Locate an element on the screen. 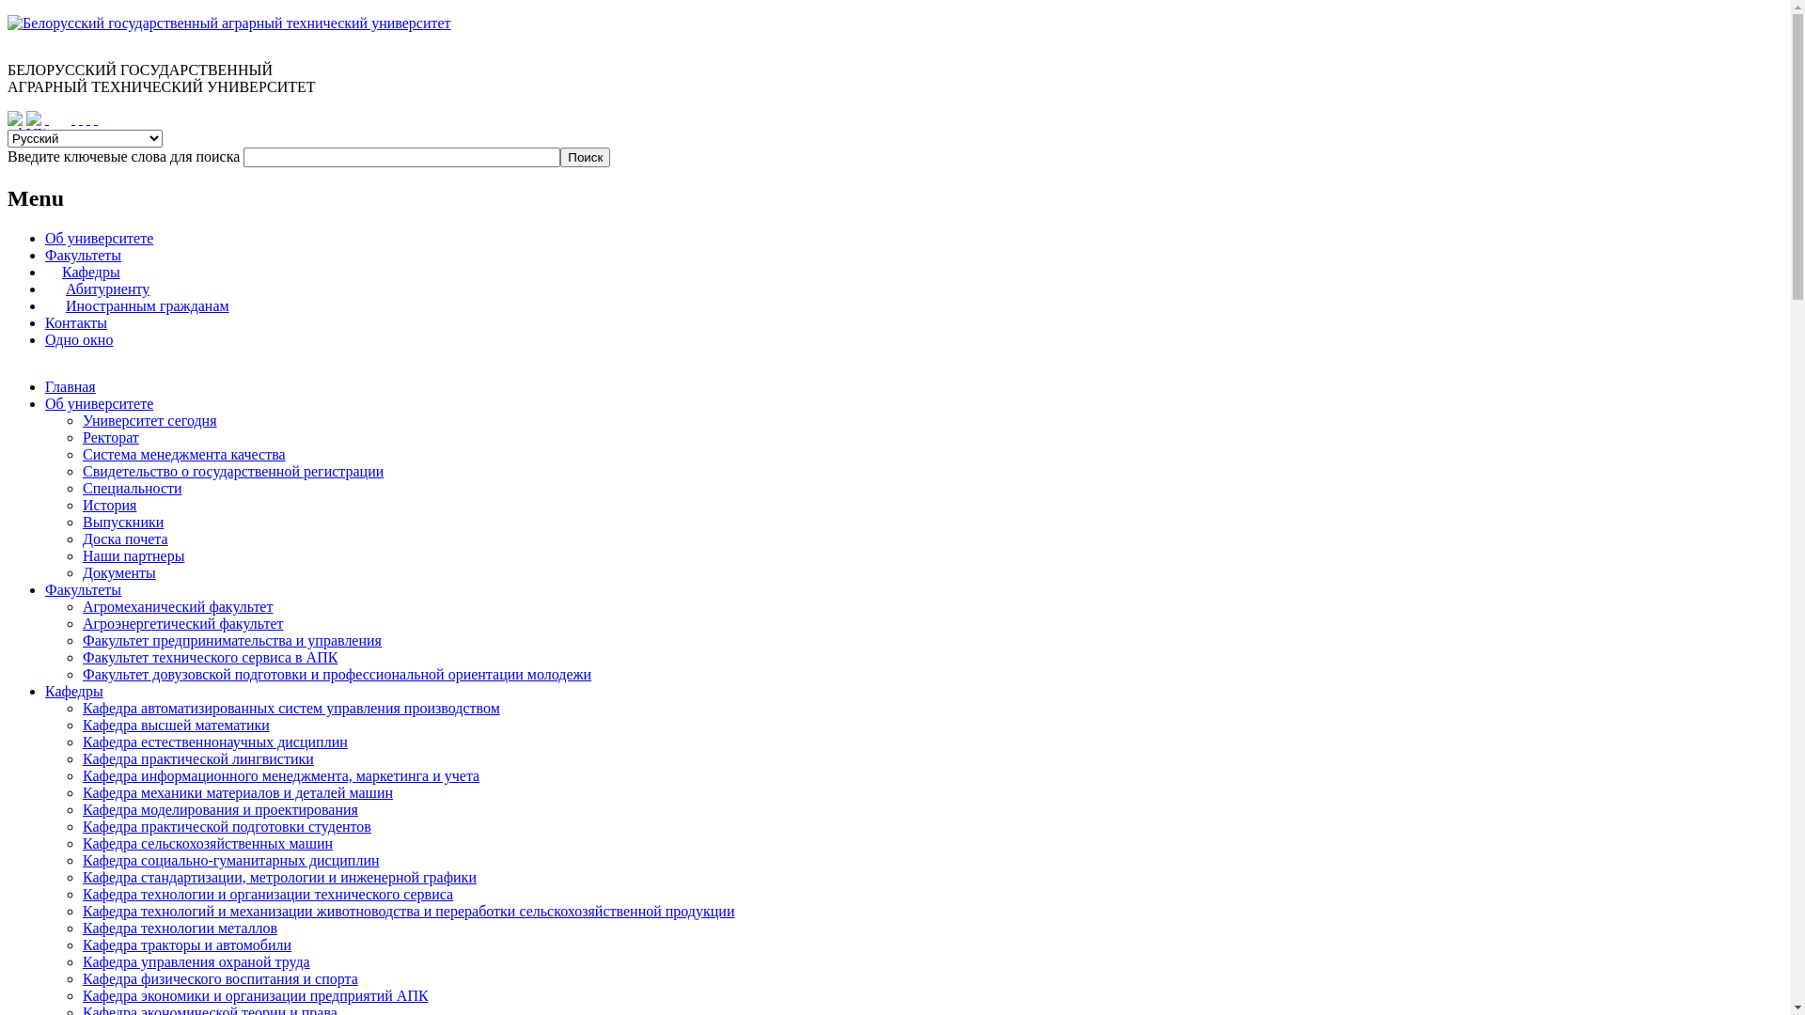  ' ' is located at coordinates (72, 118).